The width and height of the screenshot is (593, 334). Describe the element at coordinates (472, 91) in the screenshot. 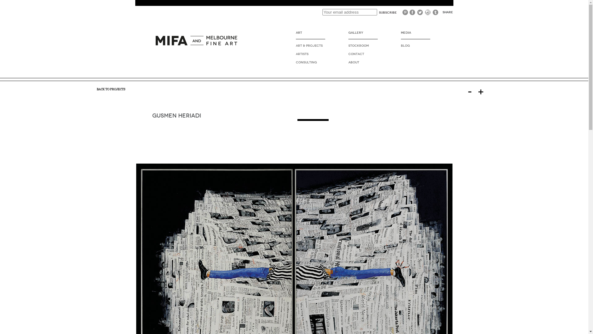

I see `'-'` at that location.